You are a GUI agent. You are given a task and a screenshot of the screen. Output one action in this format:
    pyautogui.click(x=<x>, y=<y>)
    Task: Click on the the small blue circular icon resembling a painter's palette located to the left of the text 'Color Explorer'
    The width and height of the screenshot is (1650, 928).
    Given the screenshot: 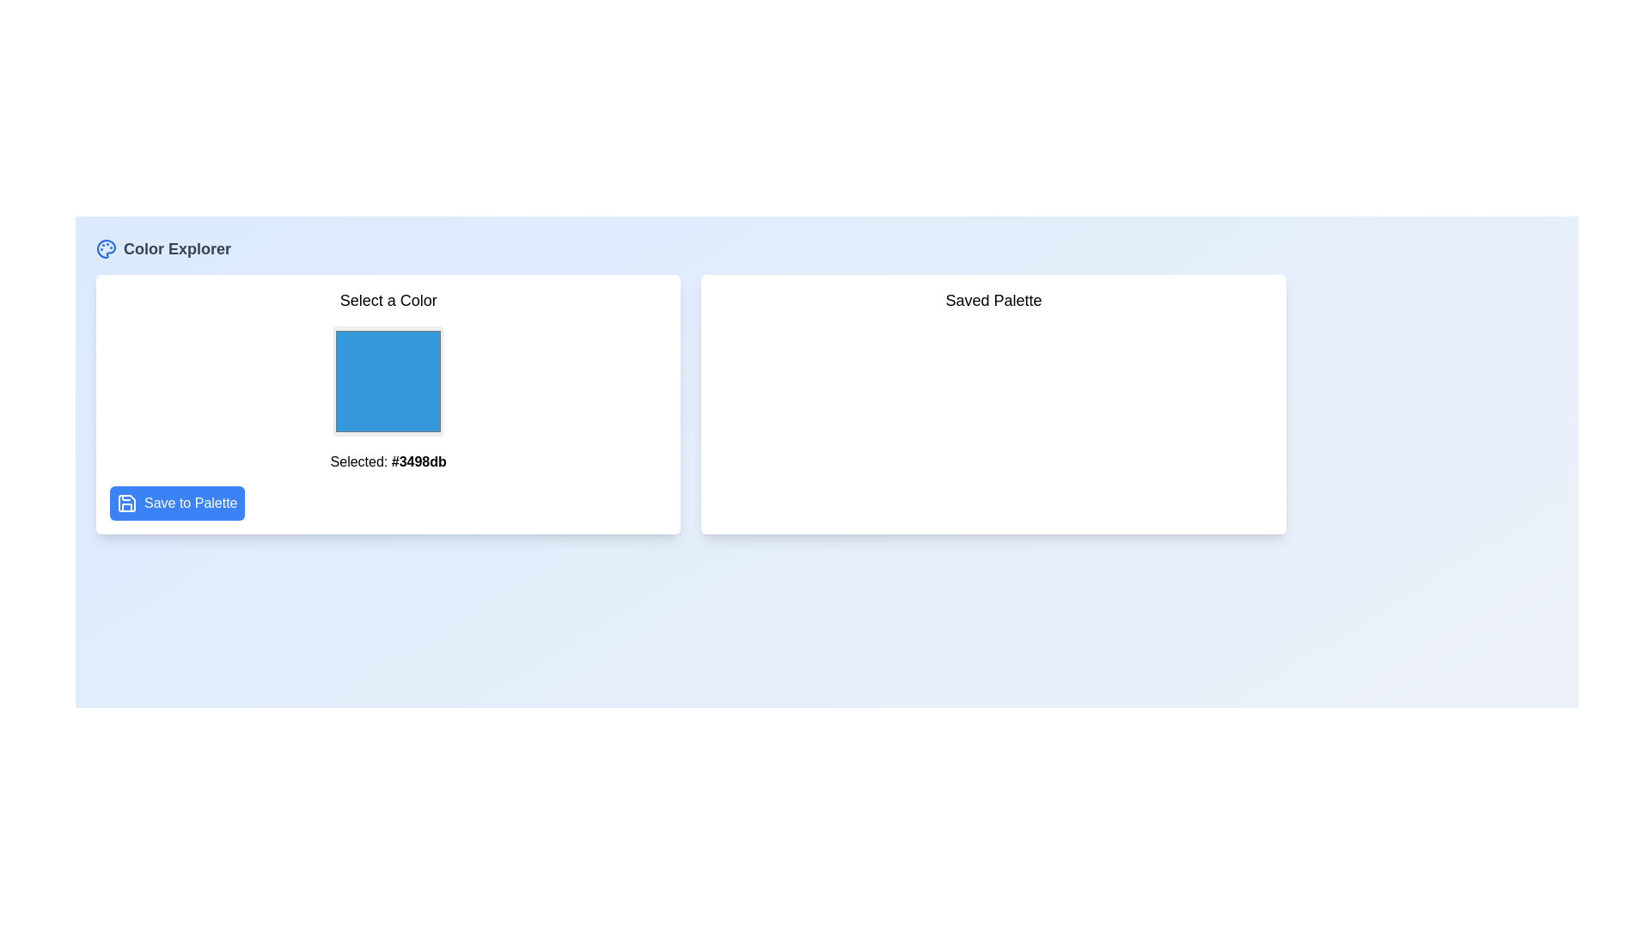 What is the action you would take?
    pyautogui.click(x=106, y=248)
    